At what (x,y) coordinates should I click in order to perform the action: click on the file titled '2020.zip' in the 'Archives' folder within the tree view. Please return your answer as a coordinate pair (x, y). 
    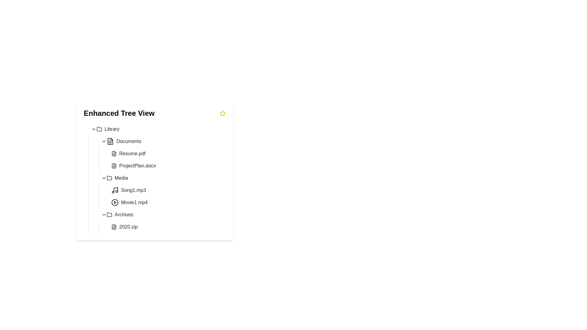
    Looking at the image, I should click on (162, 227).